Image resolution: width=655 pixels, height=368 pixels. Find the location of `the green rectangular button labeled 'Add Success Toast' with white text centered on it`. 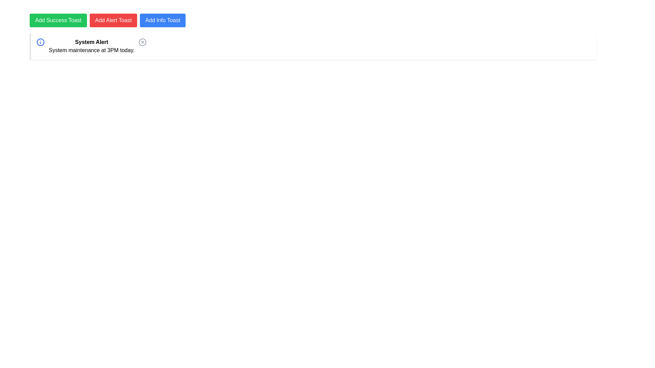

the green rectangular button labeled 'Add Success Toast' with white text centered on it is located at coordinates (58, 20).